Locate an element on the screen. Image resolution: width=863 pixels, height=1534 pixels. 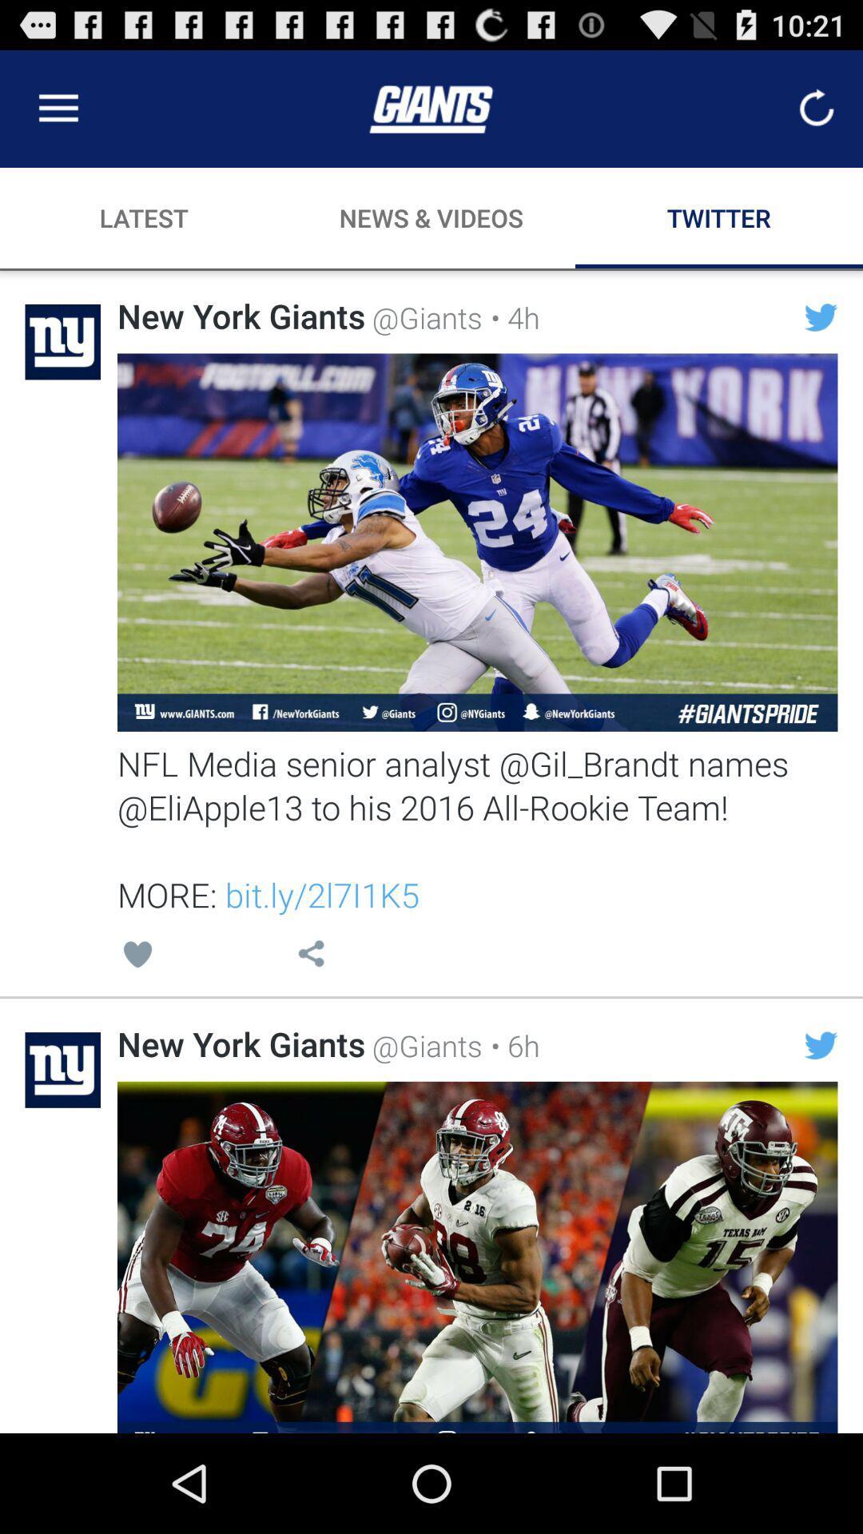
nfl media senior item is located at coordinates (476, 829).